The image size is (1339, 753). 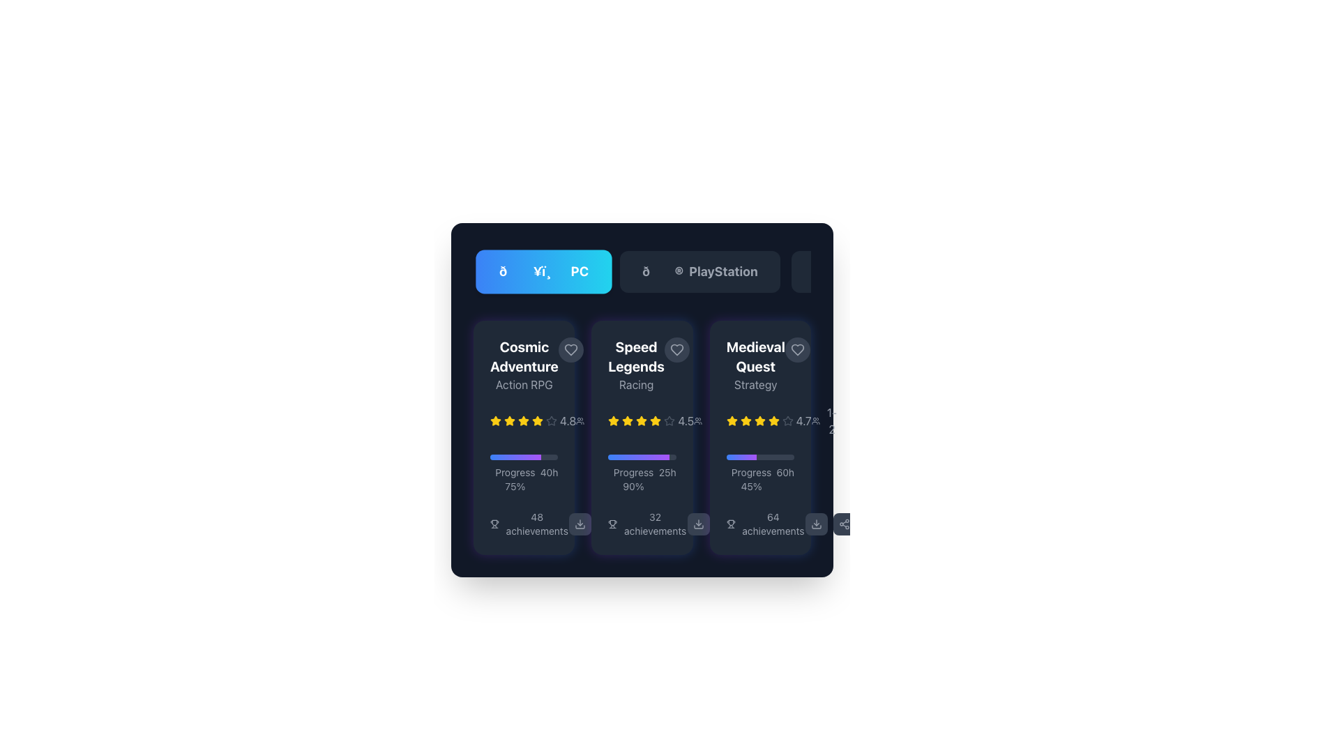 What do you see at coordinates (765, 524) in the screenshot?
I see `the text label displaying '64 achievements' accompanied by a trophy icon, located at the bottom-right corner of the 'Medieval Quest' card` at bounding box center [765, 524].